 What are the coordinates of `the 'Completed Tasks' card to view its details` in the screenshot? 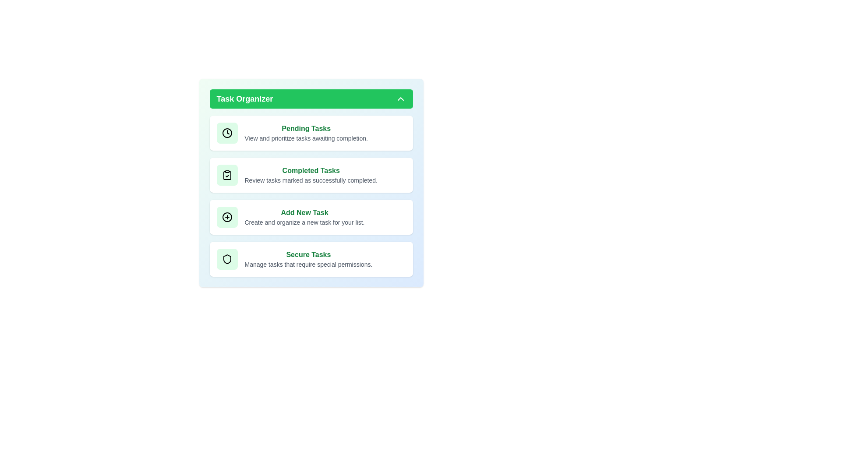 It's located at (311, 175).